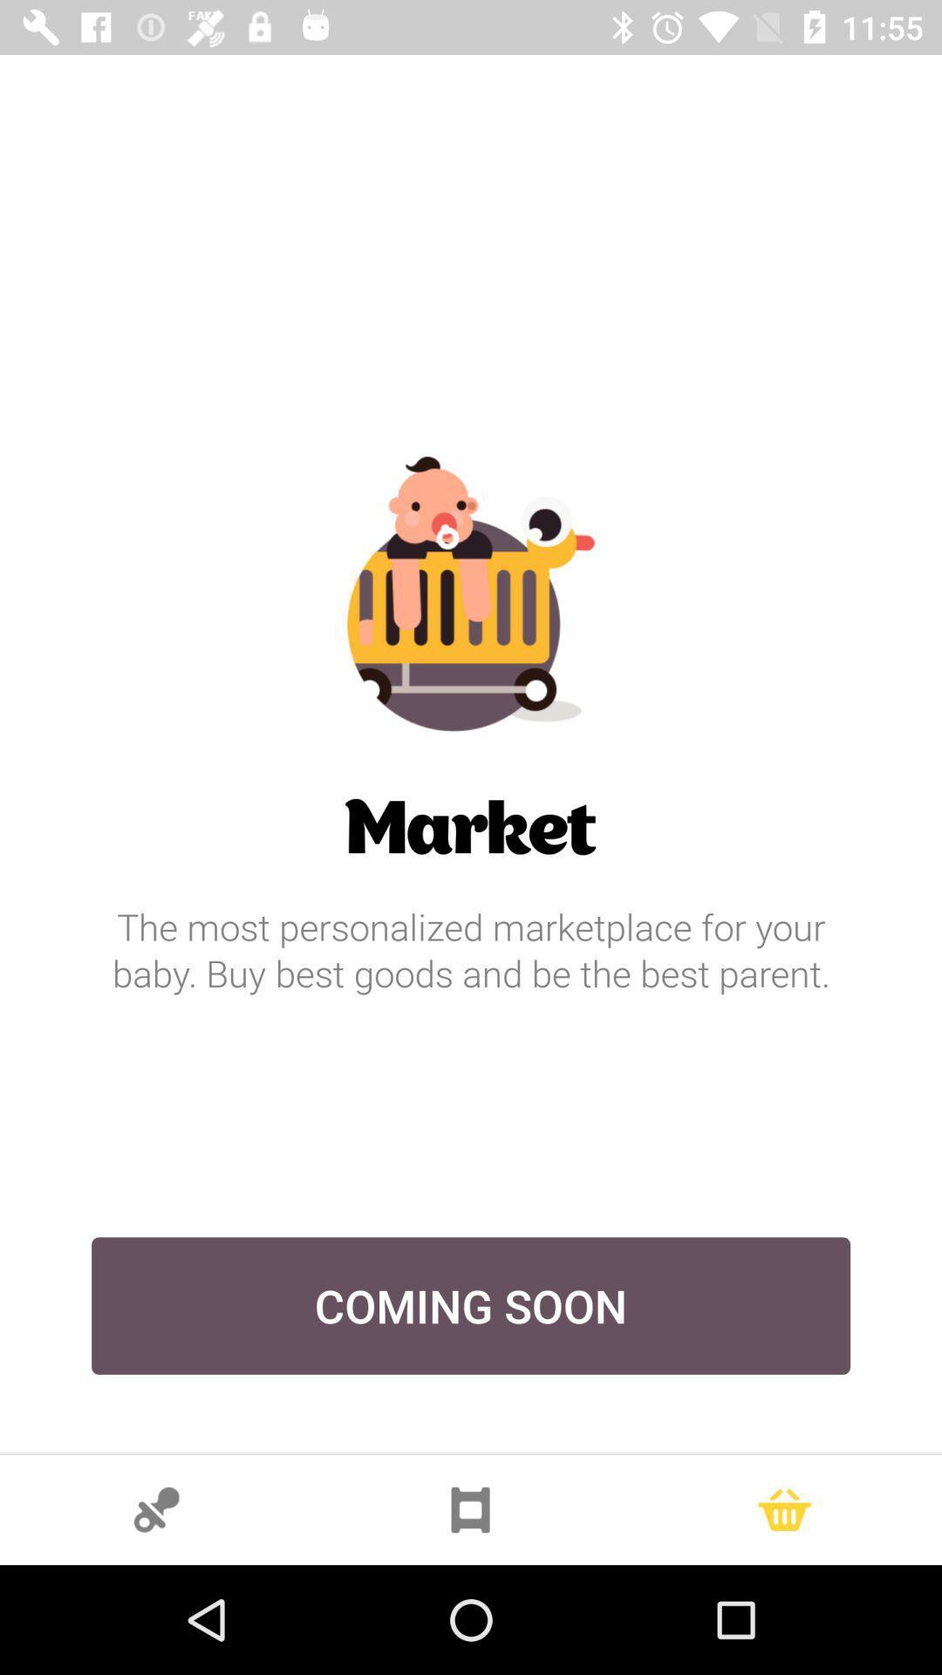 The height and width of the screenshot is (1675, 942). What do you see at coordinates (783, 1509) in the screenshot?
I see `delete` at bounding box center [783, 1509].